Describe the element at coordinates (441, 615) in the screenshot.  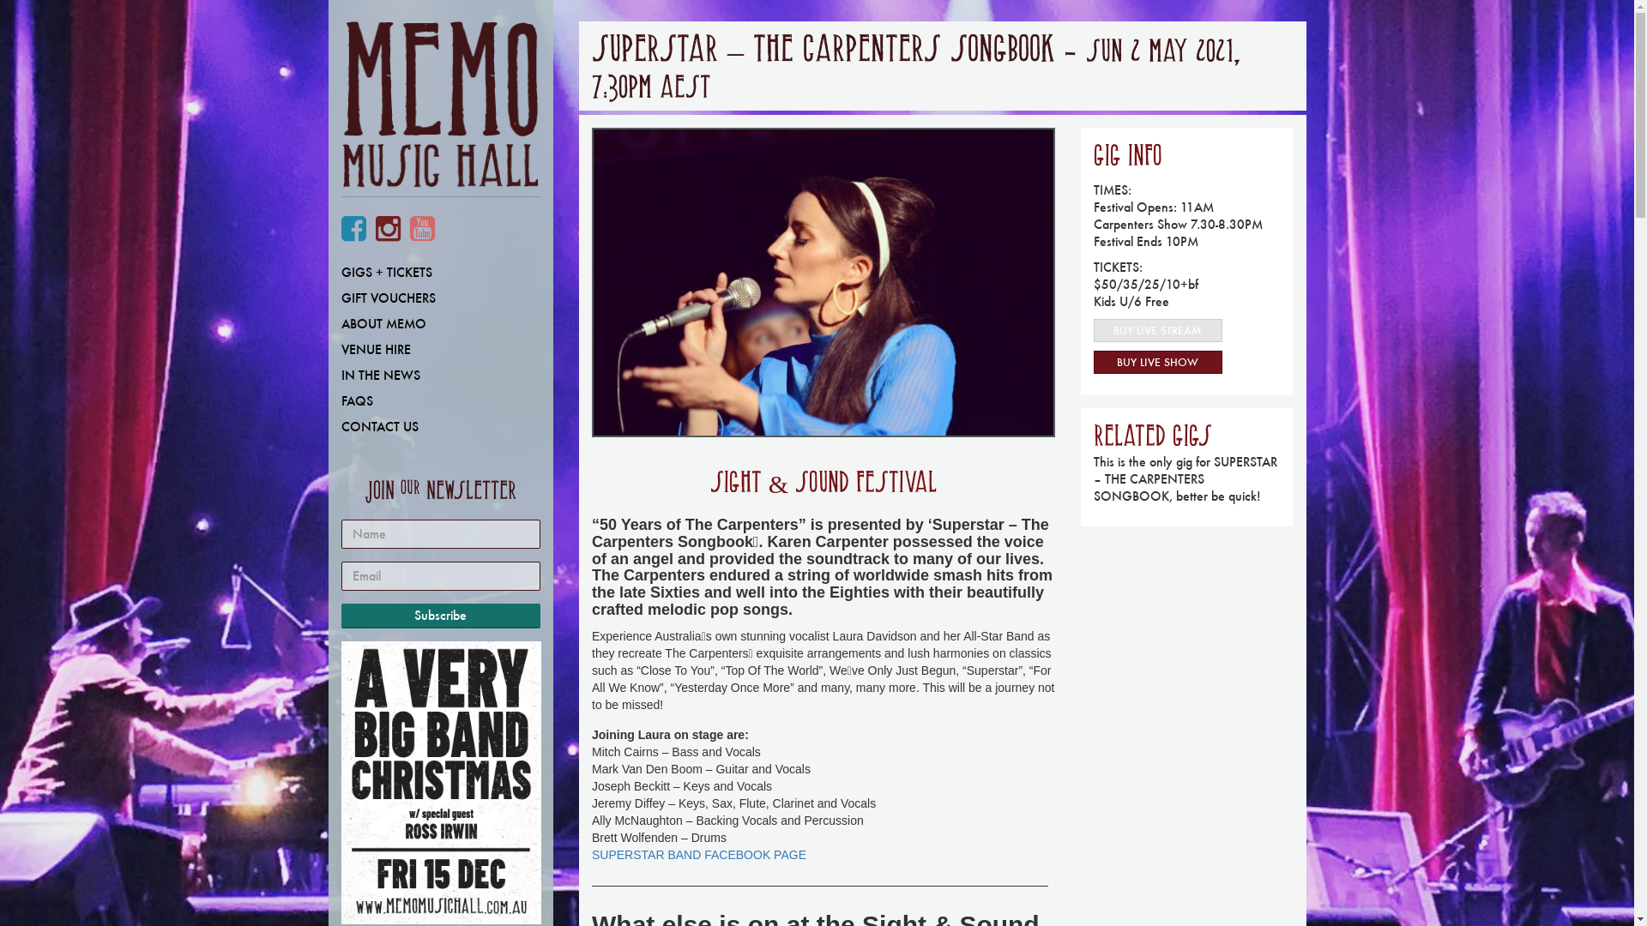
I see `'Subscribe'` at that location.